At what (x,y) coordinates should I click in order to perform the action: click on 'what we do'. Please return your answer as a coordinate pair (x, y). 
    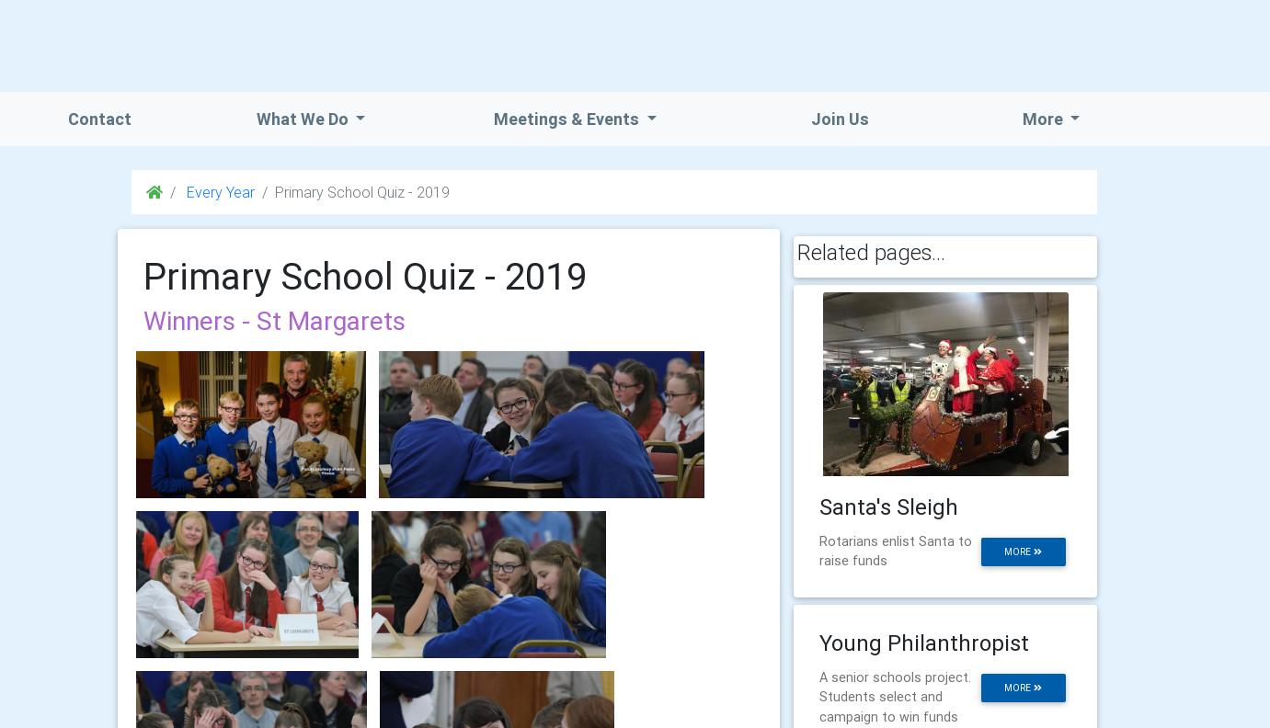
    Looking at the image, I should click on (303, 118).